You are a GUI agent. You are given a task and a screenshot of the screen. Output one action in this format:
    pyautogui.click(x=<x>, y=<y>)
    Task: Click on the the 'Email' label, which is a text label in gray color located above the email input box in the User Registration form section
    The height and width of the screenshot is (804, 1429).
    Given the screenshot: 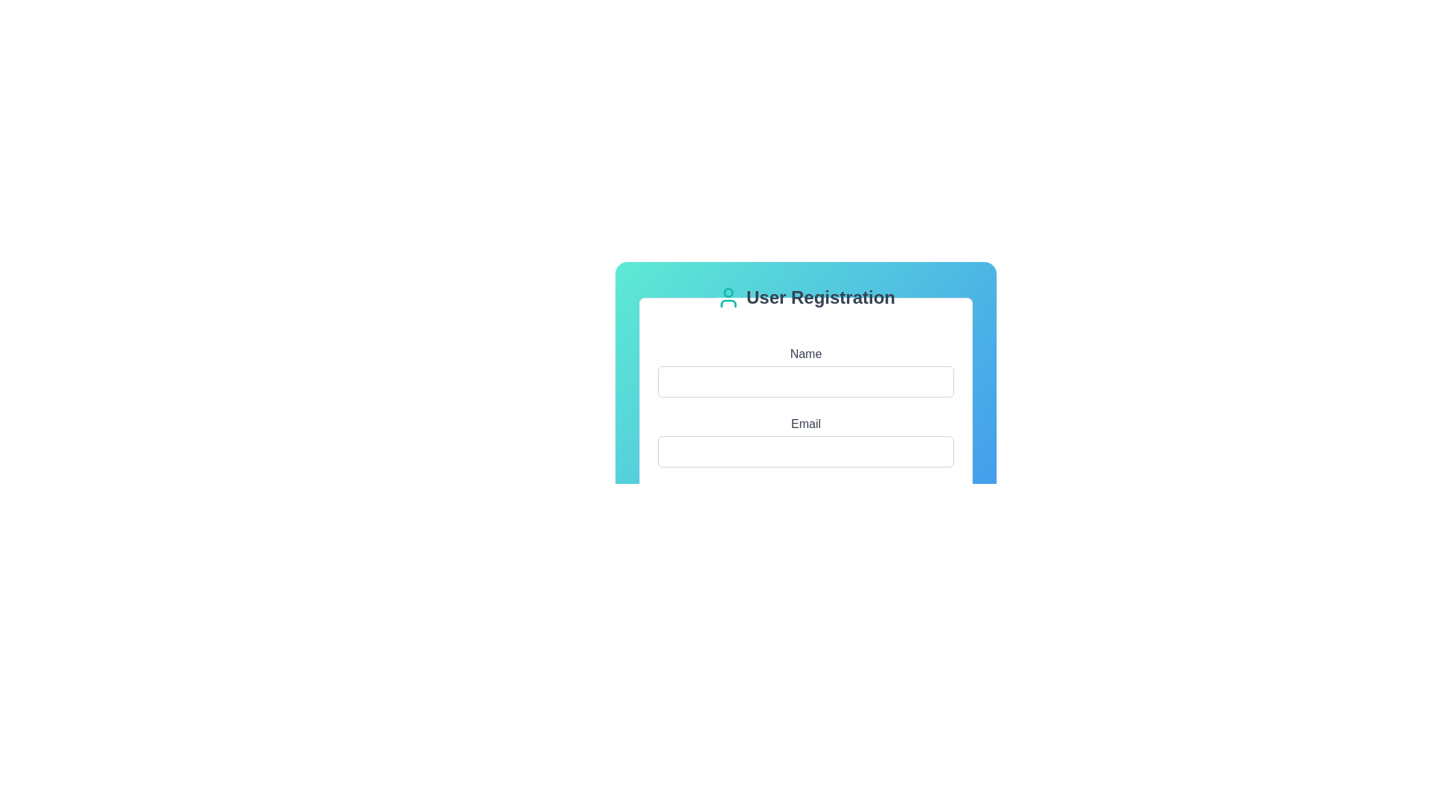 What is the action you would take?
    pyautogui.click(x=805, y=424)
    